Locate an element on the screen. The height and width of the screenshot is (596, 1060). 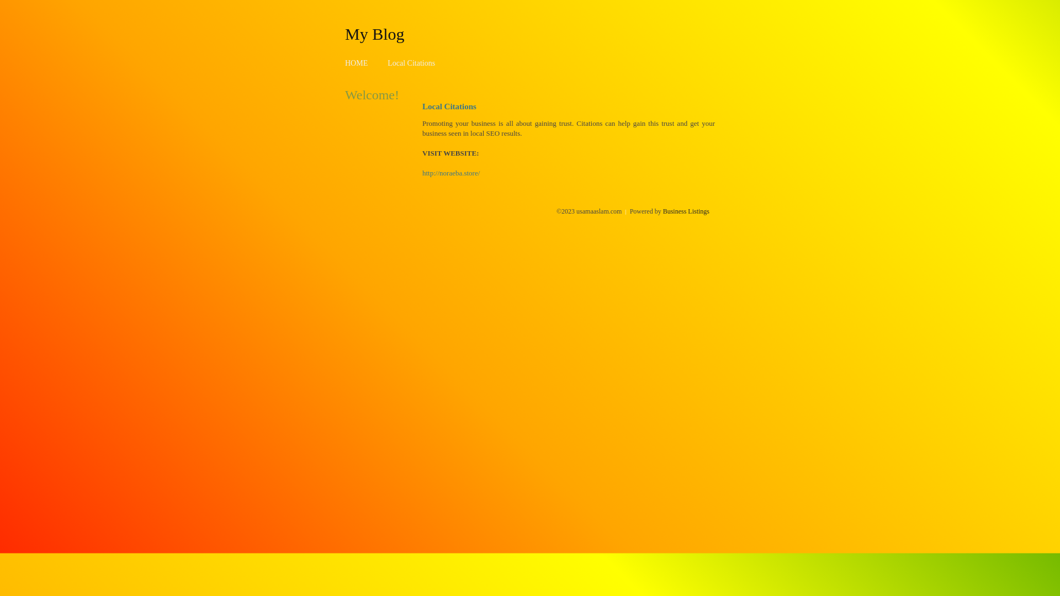
'HOME' is located at coordinates (356, 63).